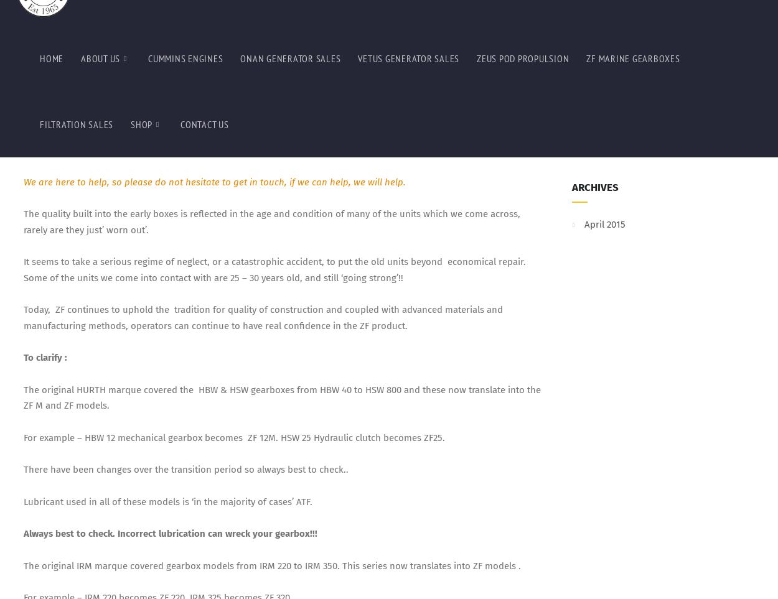 The image size is (778, 599). Describe the element at coordinates (96, 156) in the screenshot. I see `'ZF220A = Down angle output shaft.'` at that location.